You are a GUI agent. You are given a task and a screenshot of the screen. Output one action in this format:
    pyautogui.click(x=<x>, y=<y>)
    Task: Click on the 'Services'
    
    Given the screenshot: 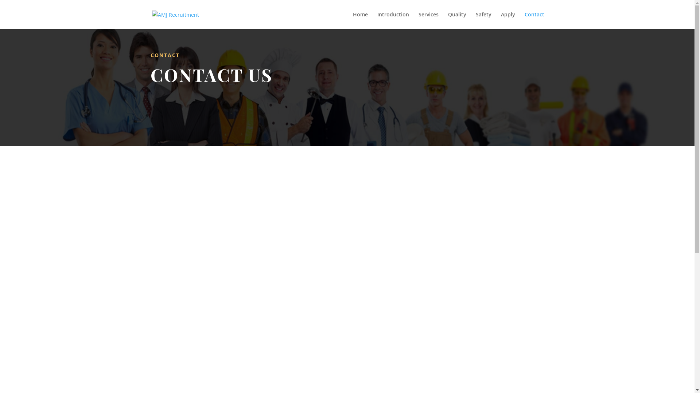 What is the action you would take?
    pyautogui.click(x=428, y=20)
    